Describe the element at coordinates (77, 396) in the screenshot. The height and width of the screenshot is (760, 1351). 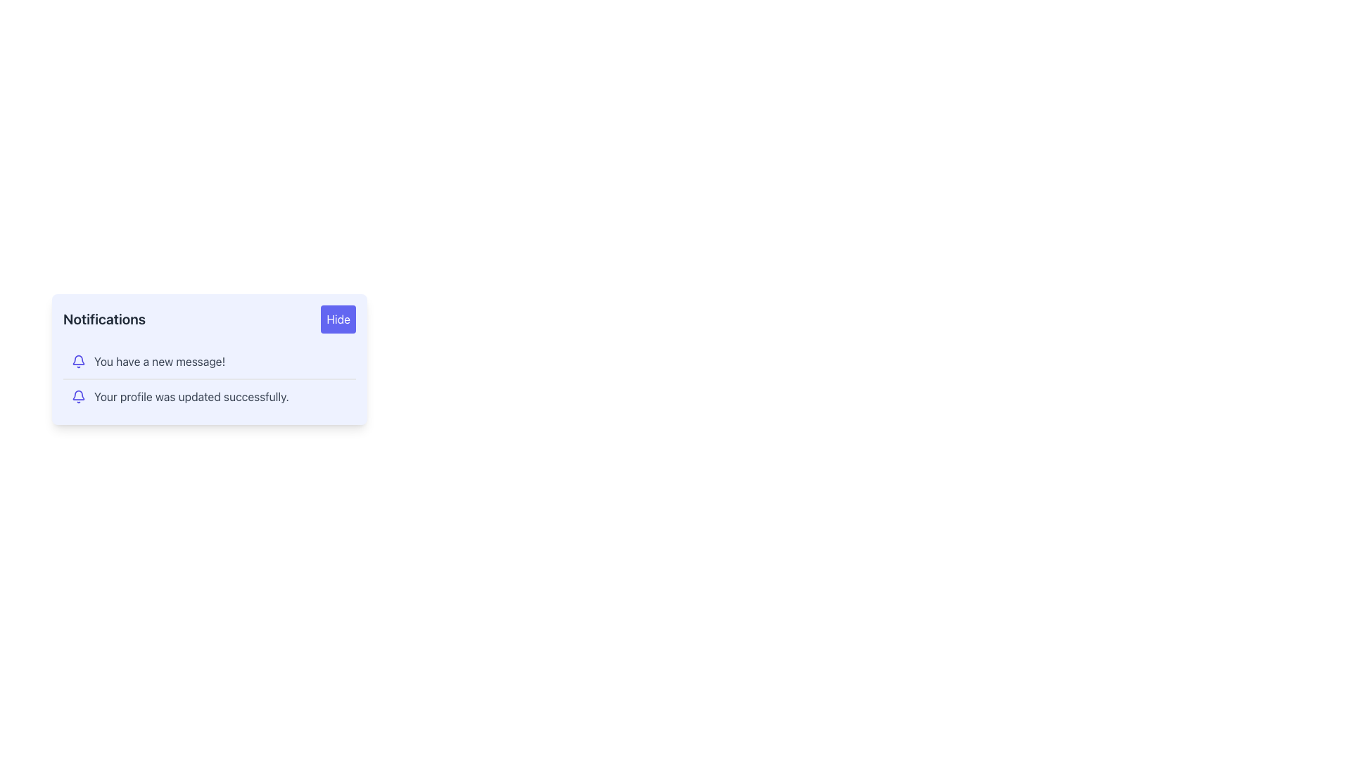
I see `the bell icon located at the beginning of the second notification message that indicates a profile update` at that location.